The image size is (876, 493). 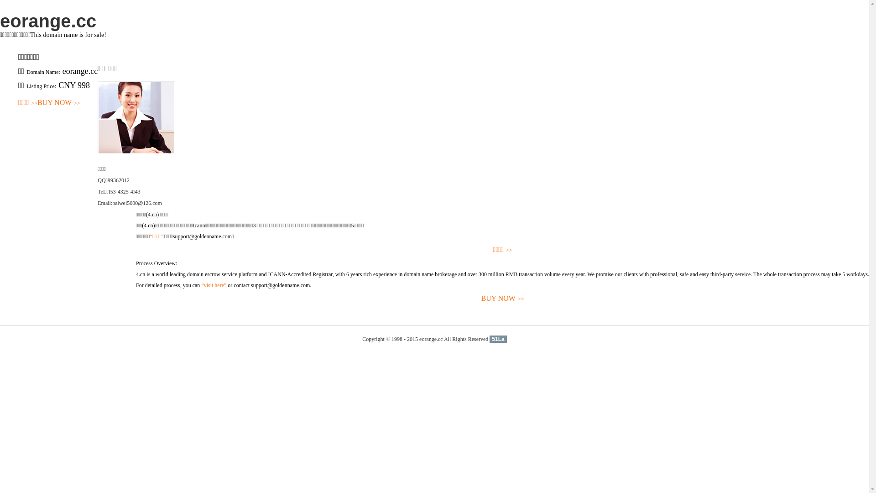 What do you see at coordinates (58, 103) in the screenshot?
I see `'BUY NOW>>'` at bounding box center [58, 103].